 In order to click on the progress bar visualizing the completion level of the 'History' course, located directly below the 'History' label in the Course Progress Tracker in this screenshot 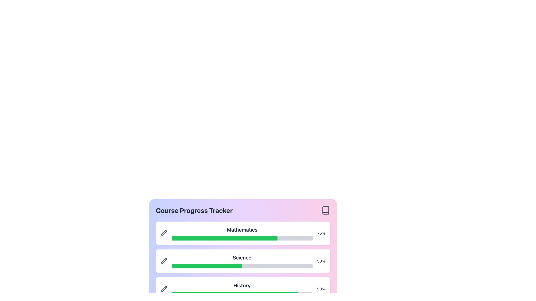, I will do `click(242, 294)`.